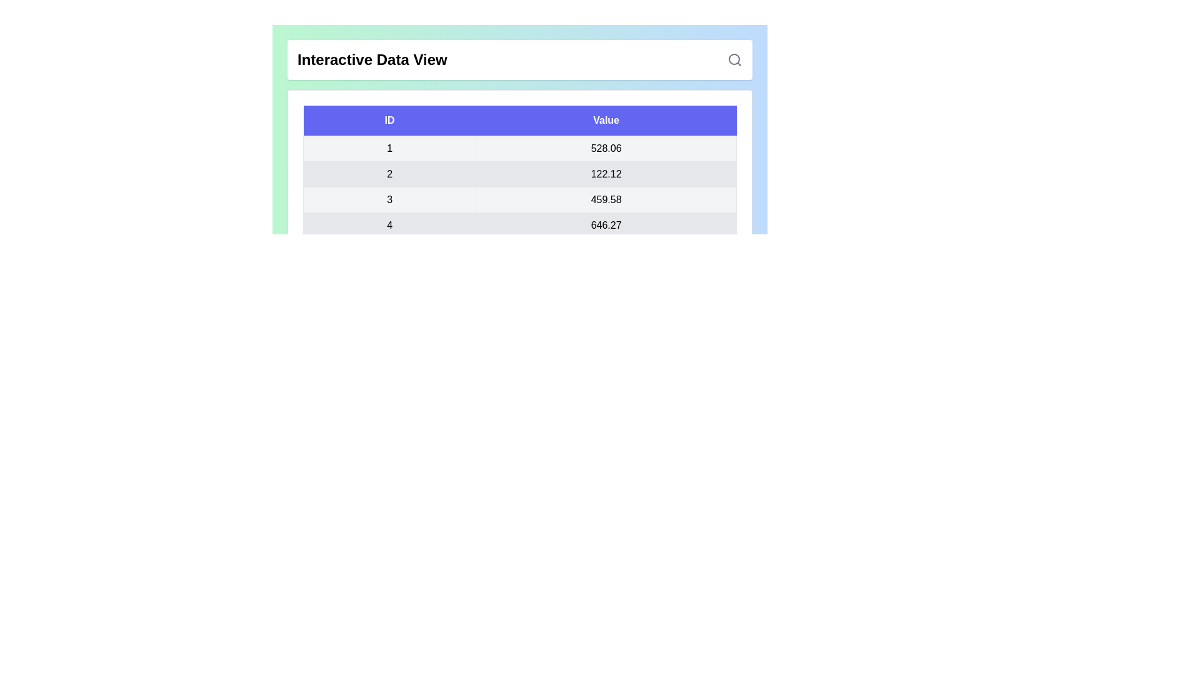 This screenshot has width=1200, height=675. What do you see at coordinates (389, 199) in the screenshot?
I see `the row corresponding to the ID 3 to view its details` at bounding box center [389, 199].